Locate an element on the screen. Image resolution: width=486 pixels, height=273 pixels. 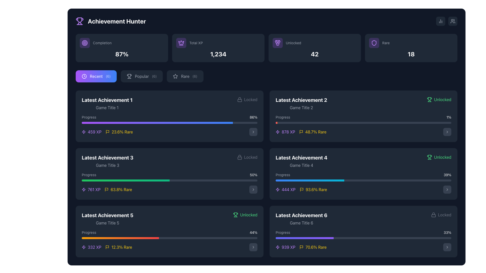
the label displaying 'Game Title 3', which is located directly beneath the title 'Latest Achievement 3' in a section with a dark background is located at coordinates (107, 165).